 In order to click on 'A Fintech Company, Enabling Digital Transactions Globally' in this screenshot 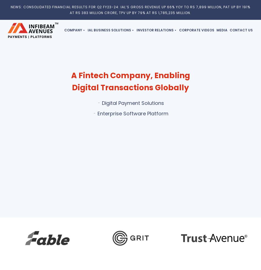, I will do `click(71, 81)`.